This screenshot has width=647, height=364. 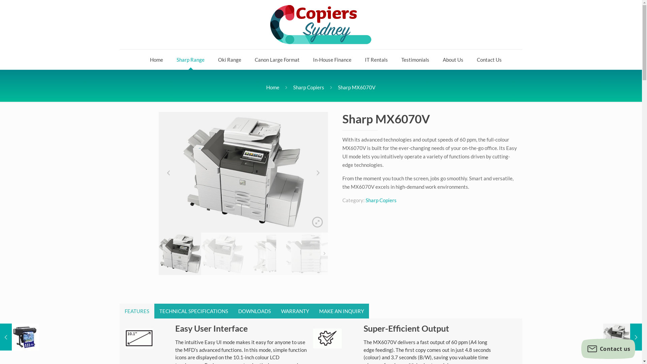 What do you see at coordinates (243, 172) in the screenshot?
I see `'MX6070V-01'` at bounding box center [243, 172].